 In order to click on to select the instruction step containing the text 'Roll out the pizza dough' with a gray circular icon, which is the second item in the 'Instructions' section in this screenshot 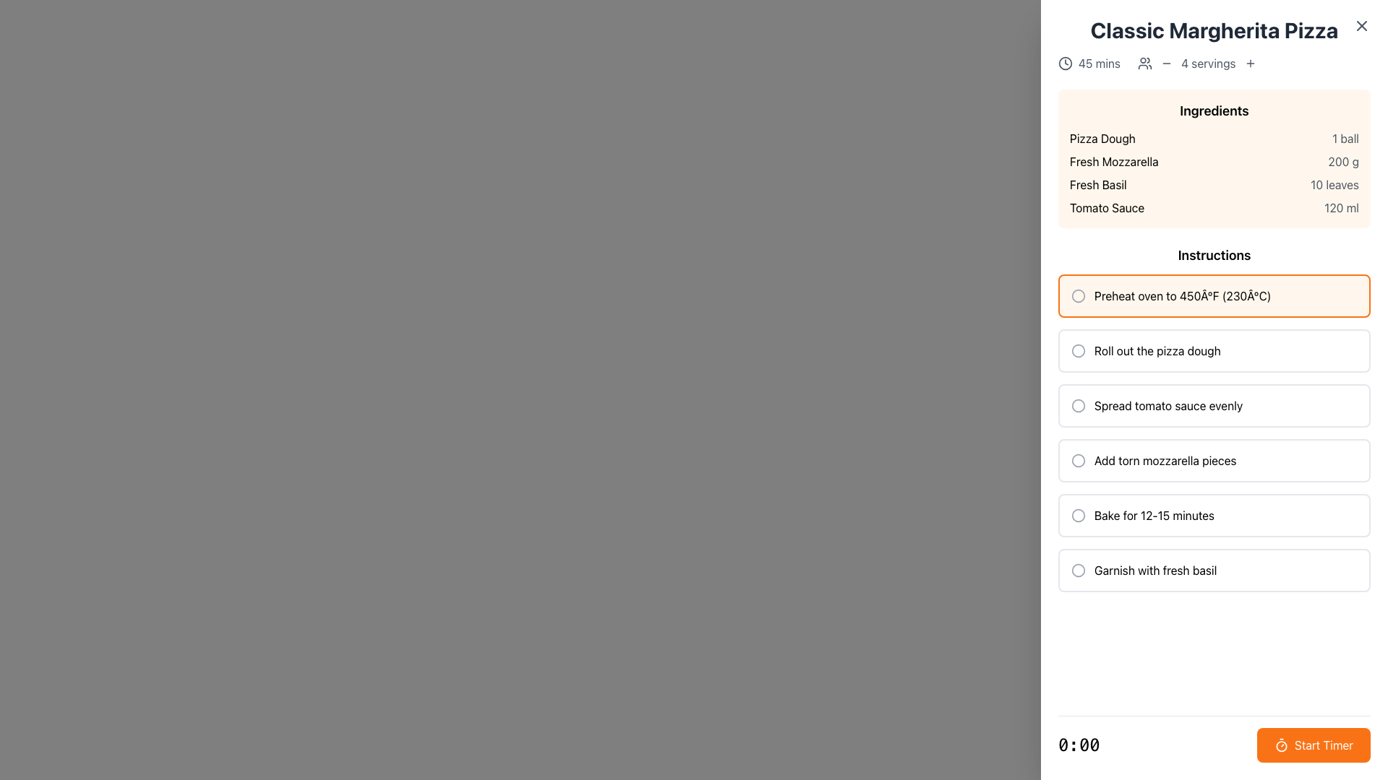, I will do `click(1214, 351)`.